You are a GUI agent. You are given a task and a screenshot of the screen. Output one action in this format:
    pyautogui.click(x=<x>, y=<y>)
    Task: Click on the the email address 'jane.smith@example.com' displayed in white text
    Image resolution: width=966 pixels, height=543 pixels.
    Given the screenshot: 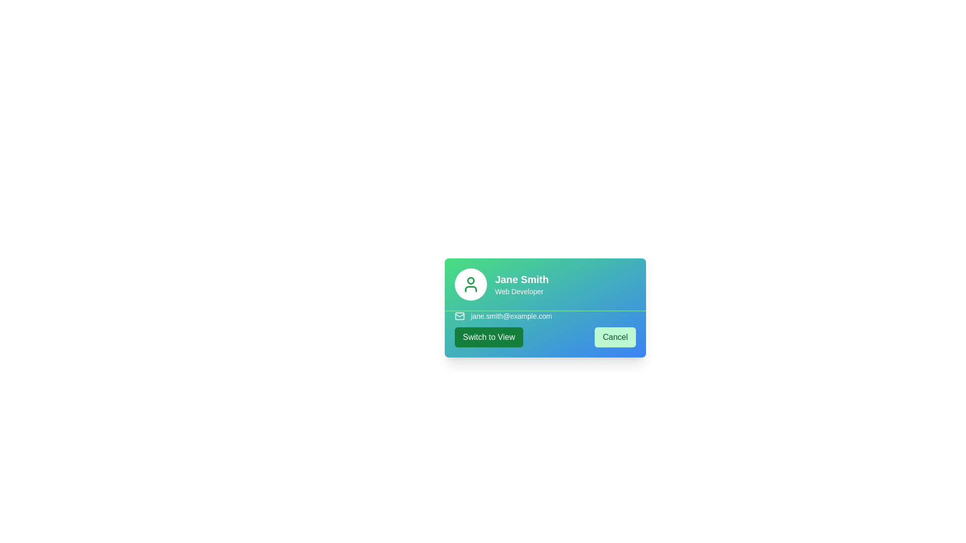 What is the action you would take?
    pyautogui.click(x=511, y=315)
    